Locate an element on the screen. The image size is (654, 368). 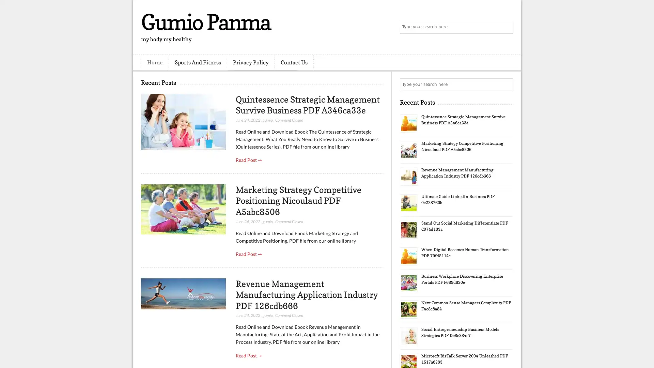
Search is located at coordinates (506, 27).